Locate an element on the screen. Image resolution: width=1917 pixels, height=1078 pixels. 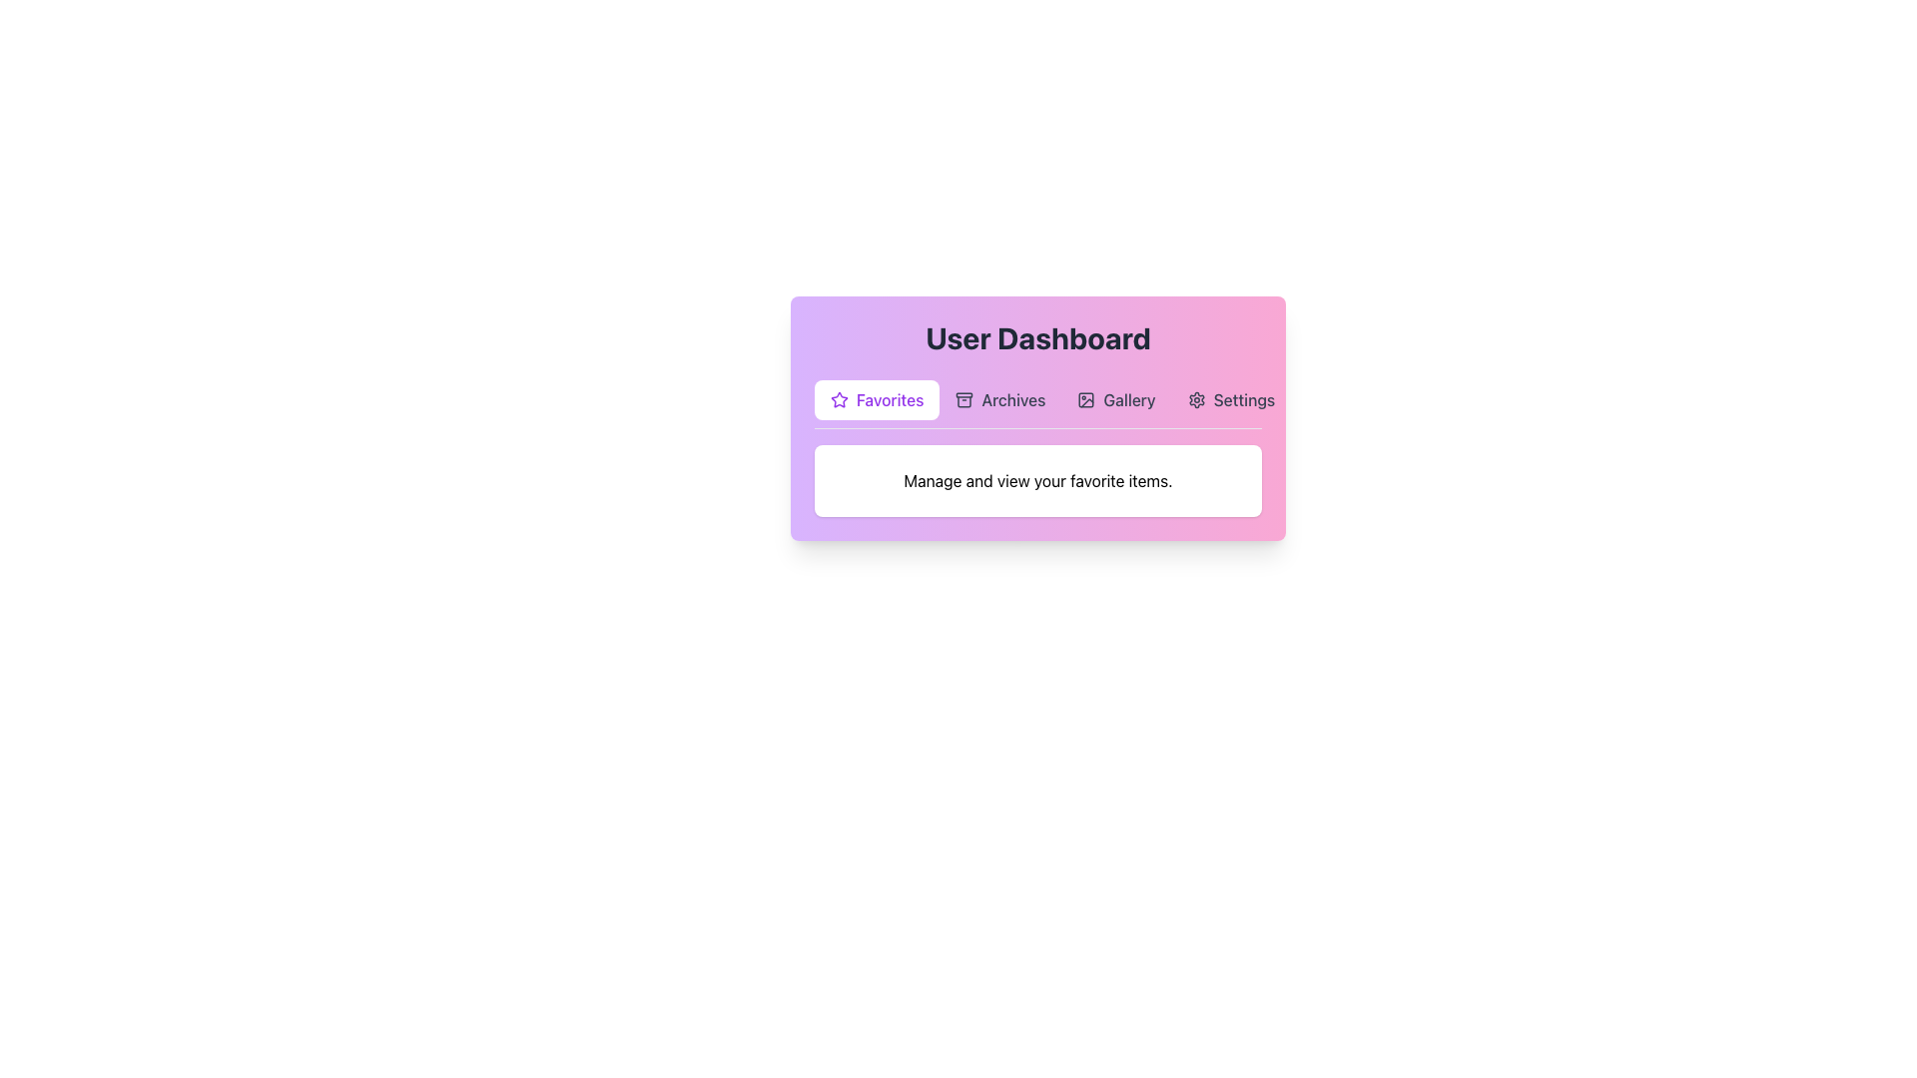
the star-shaped icon with a purple outline and white interior, located to the left of the 'Favorites' text is located at coordinates (839, 400).